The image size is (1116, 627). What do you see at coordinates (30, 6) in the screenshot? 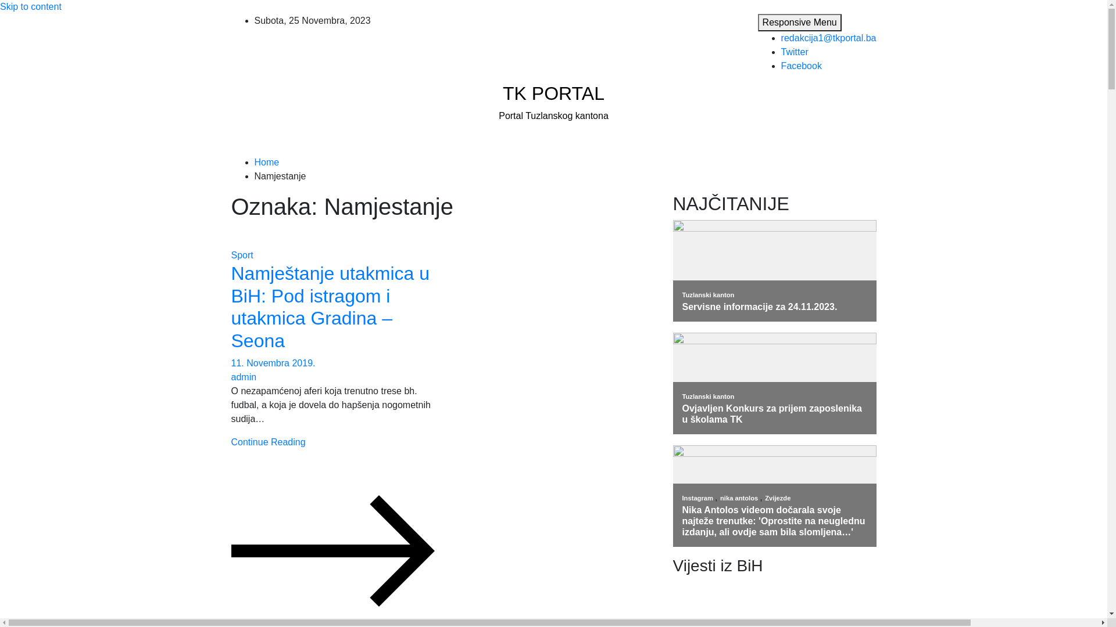
I see `'Skip to content'` at bounding box center [30, 6].